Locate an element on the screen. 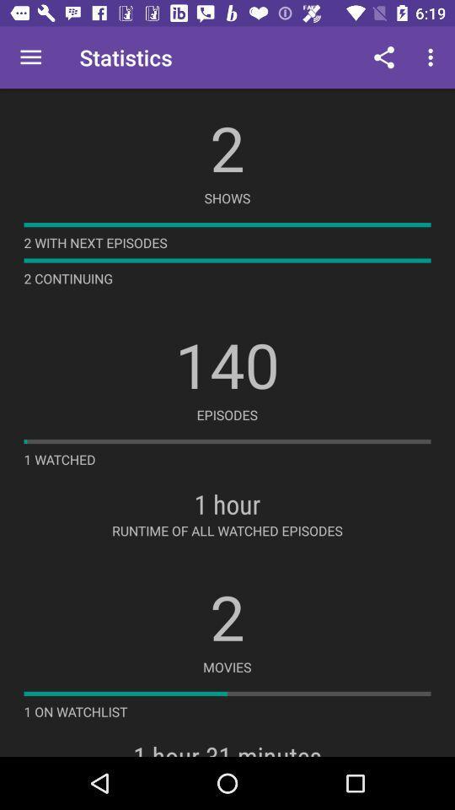 This screenshot has height=810, width=455. icon above the episodes icon is located at coordinates (227, 364).